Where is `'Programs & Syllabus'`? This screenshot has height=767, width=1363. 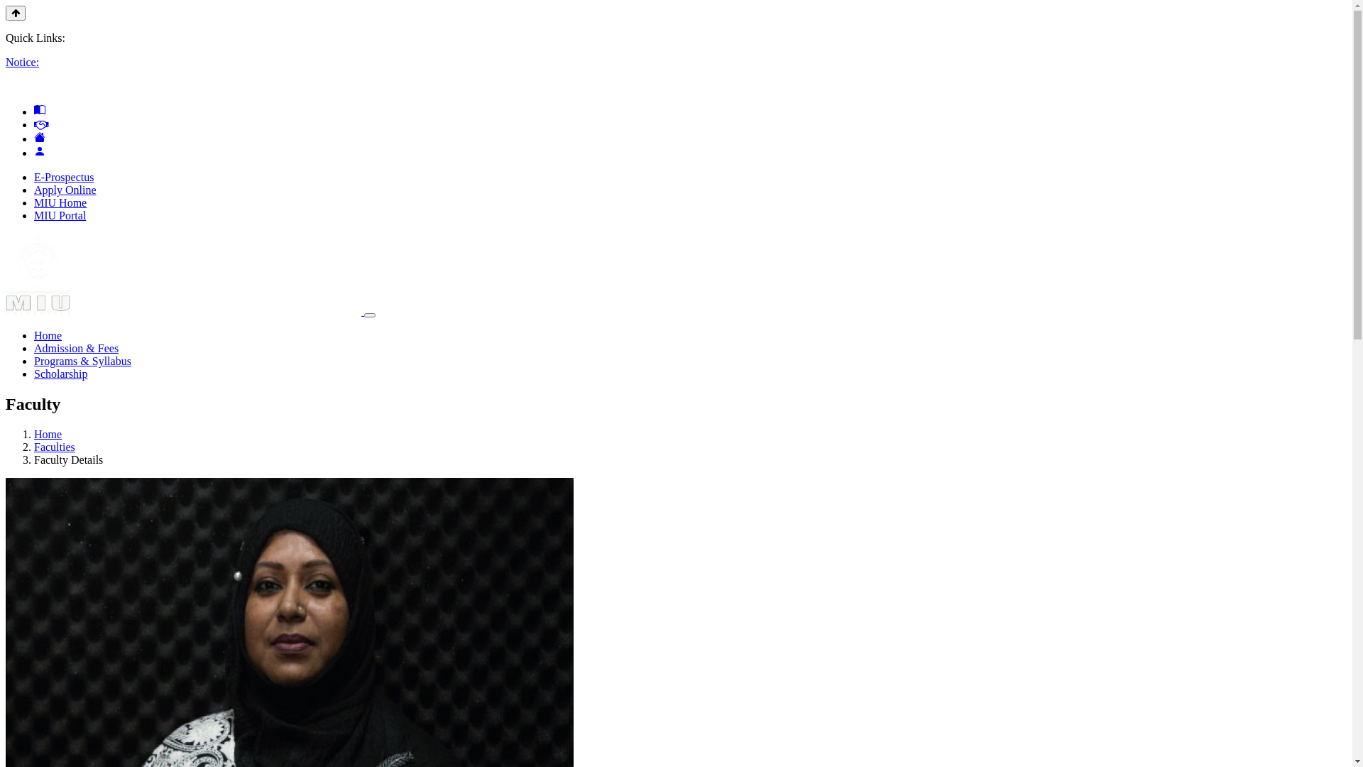 'Programs & Syllabus' is located at coordinates (82, 360).